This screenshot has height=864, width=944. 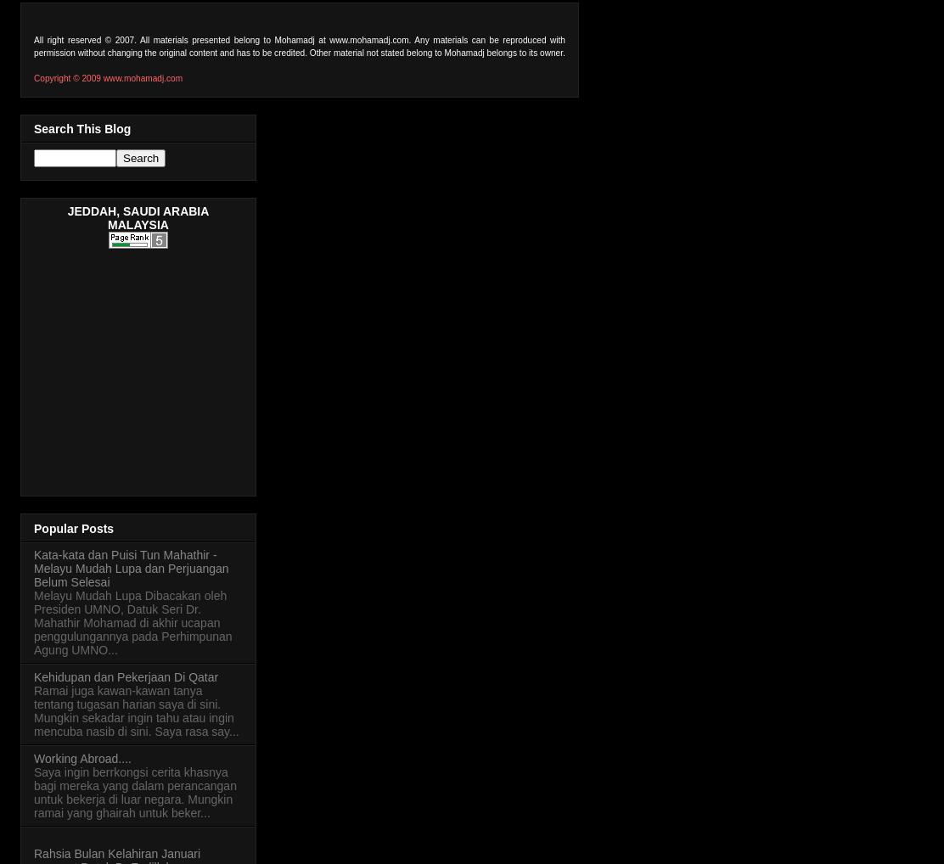 What do you see at coordinates (138, 224) in the screenshot?
I see `'MALAYSIA'` at bounding box center [138, 224].